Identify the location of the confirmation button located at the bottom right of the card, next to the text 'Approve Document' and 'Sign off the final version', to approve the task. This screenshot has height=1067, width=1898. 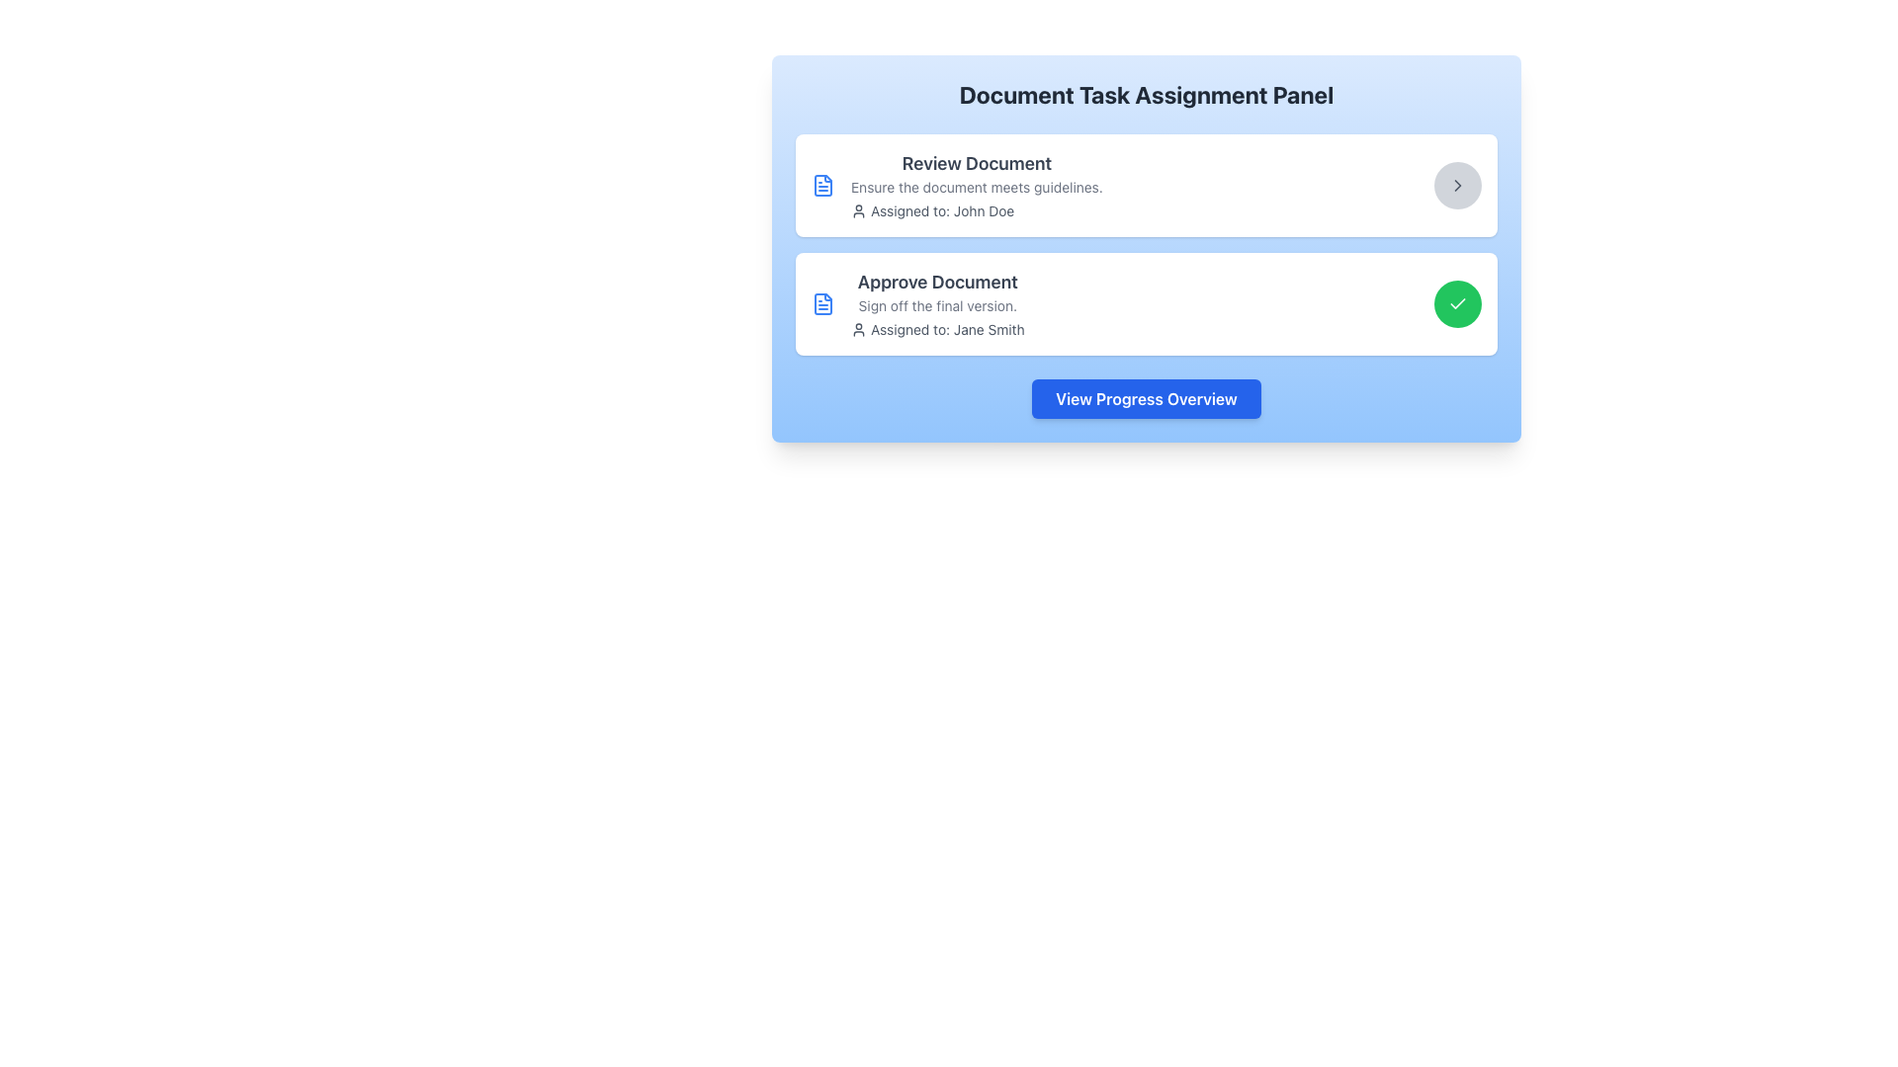
(1457, 304).